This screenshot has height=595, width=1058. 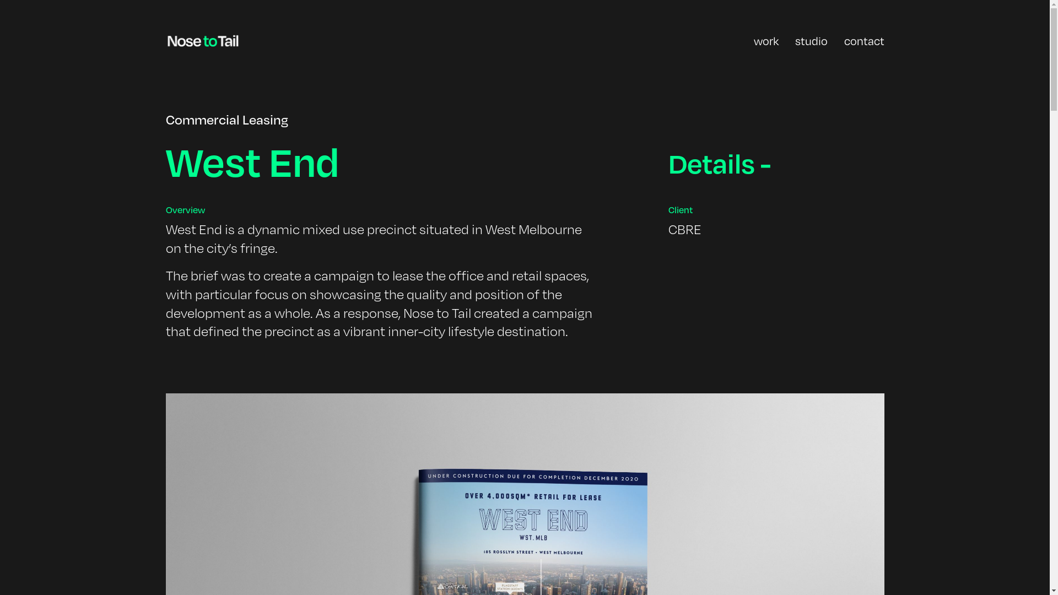 I want to click on 'studio', so click(x=811, y=40).